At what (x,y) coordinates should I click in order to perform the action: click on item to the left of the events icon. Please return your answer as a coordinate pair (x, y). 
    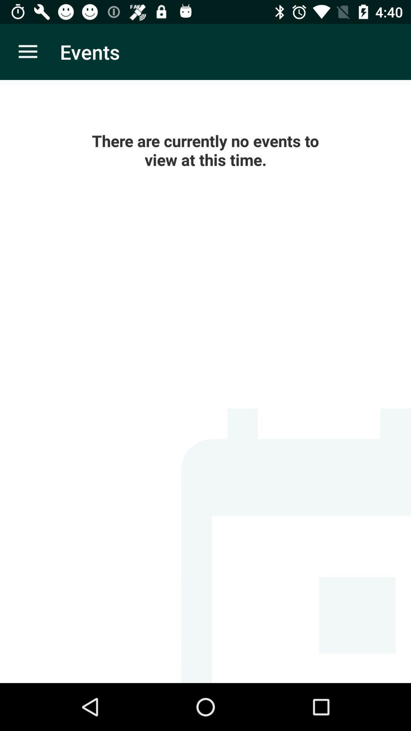
    Looking at the image, I should click on (27, 51).